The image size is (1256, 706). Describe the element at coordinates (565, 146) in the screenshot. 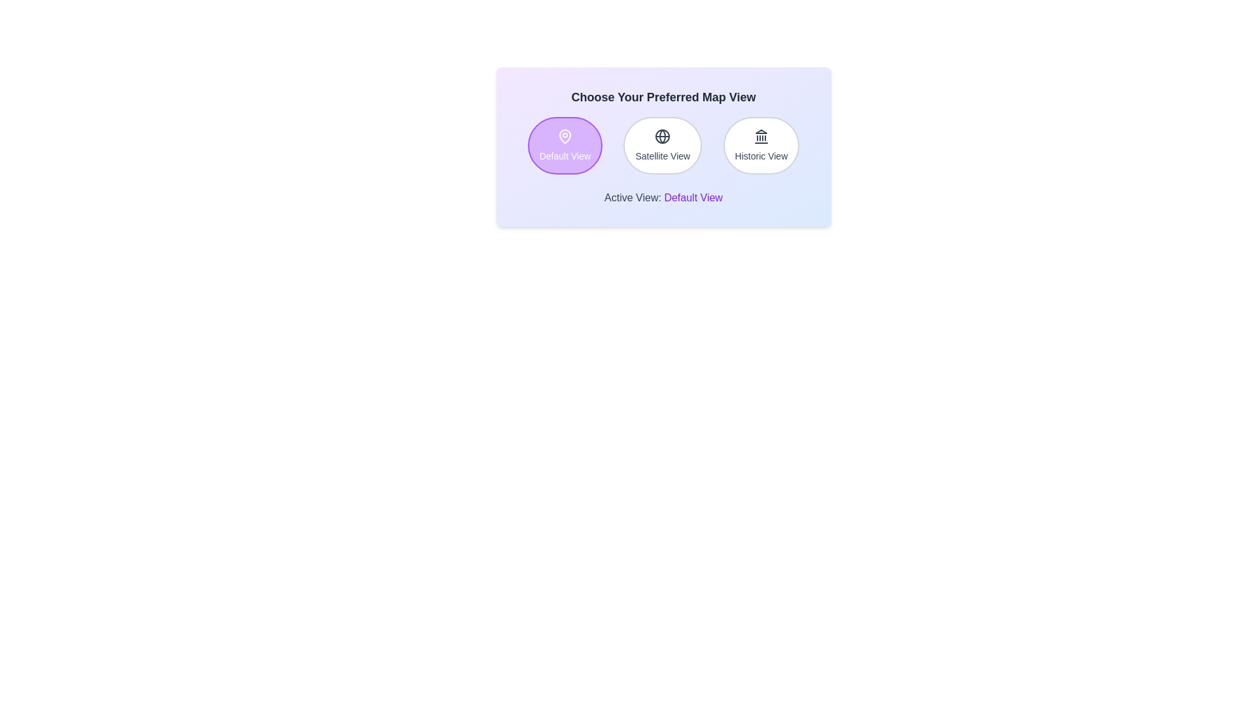

I see `the button labeled Default View to observe its hover effect` at that location.